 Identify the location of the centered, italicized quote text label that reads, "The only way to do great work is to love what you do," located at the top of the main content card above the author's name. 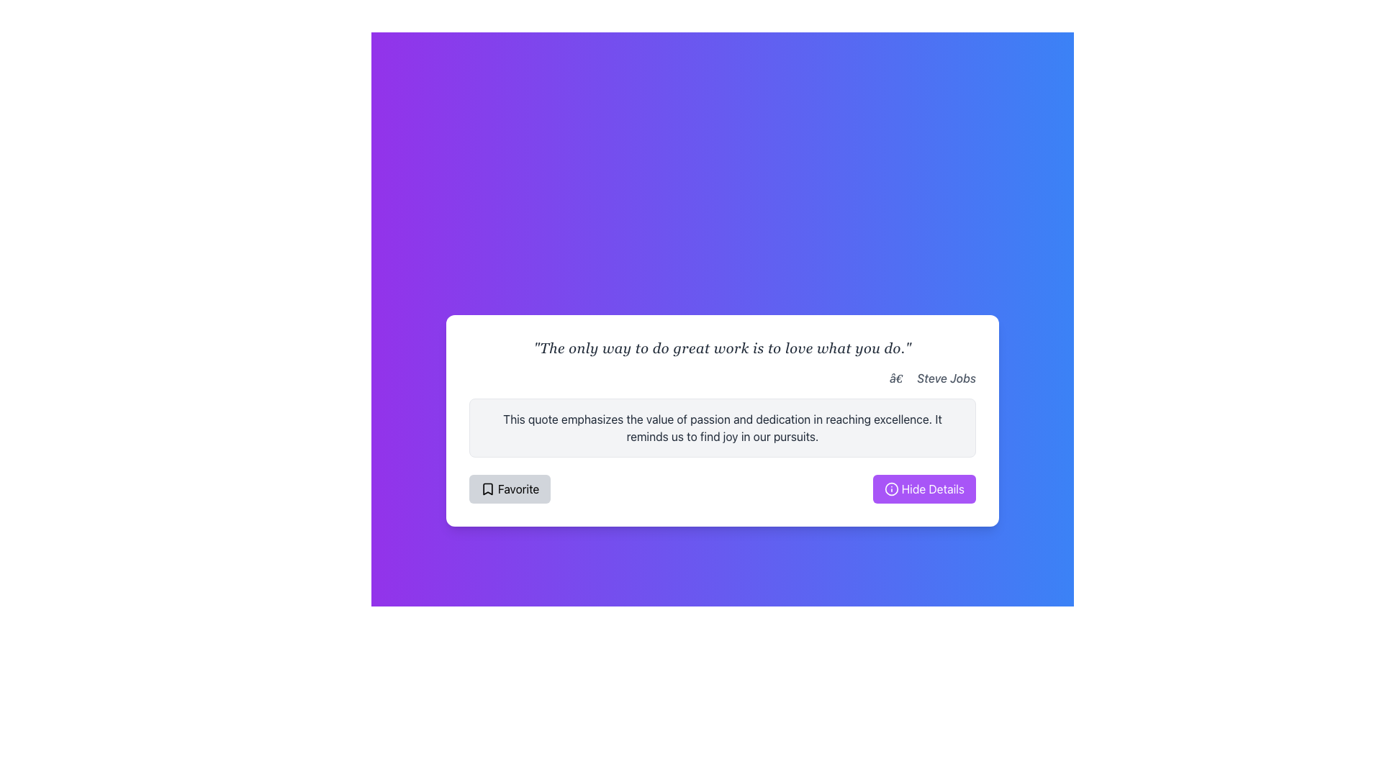
(722, 347).